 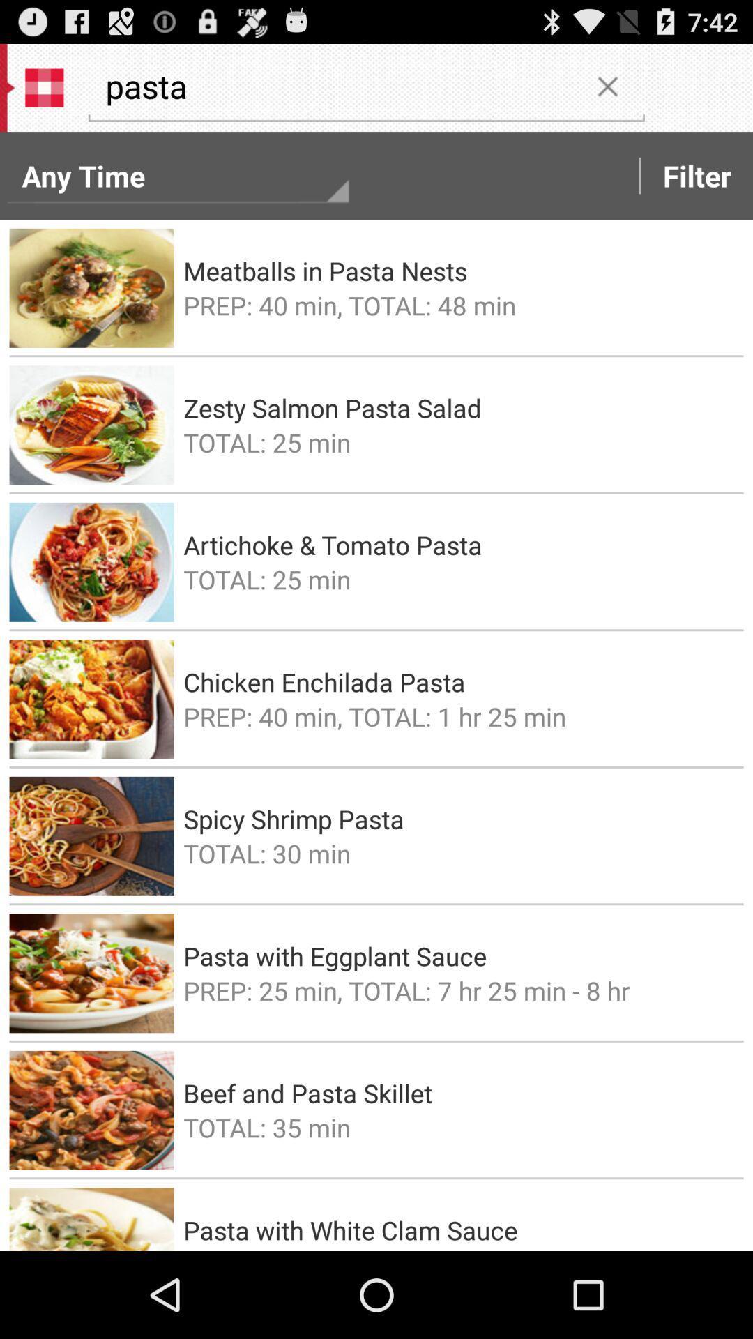 What do you see at coordinates (459, 544) in the screenshot?
I see `artichoke & tomato pasta app` at bounding box center [459, 544].